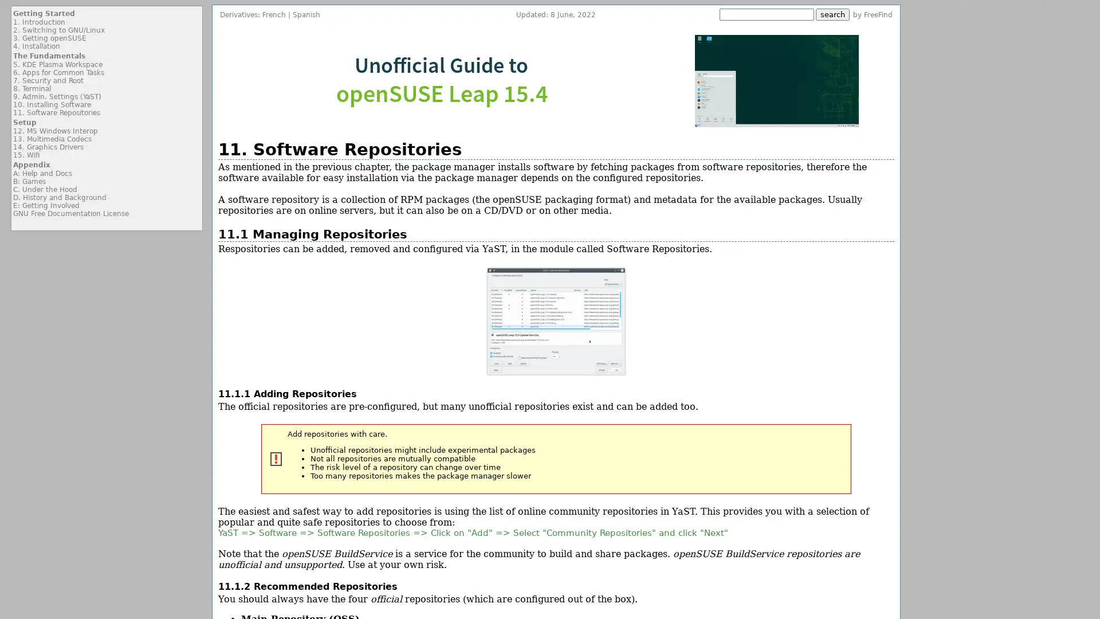 The width and height of the screenshot is (1100, 619). I want to click on search, so click(832, 14).